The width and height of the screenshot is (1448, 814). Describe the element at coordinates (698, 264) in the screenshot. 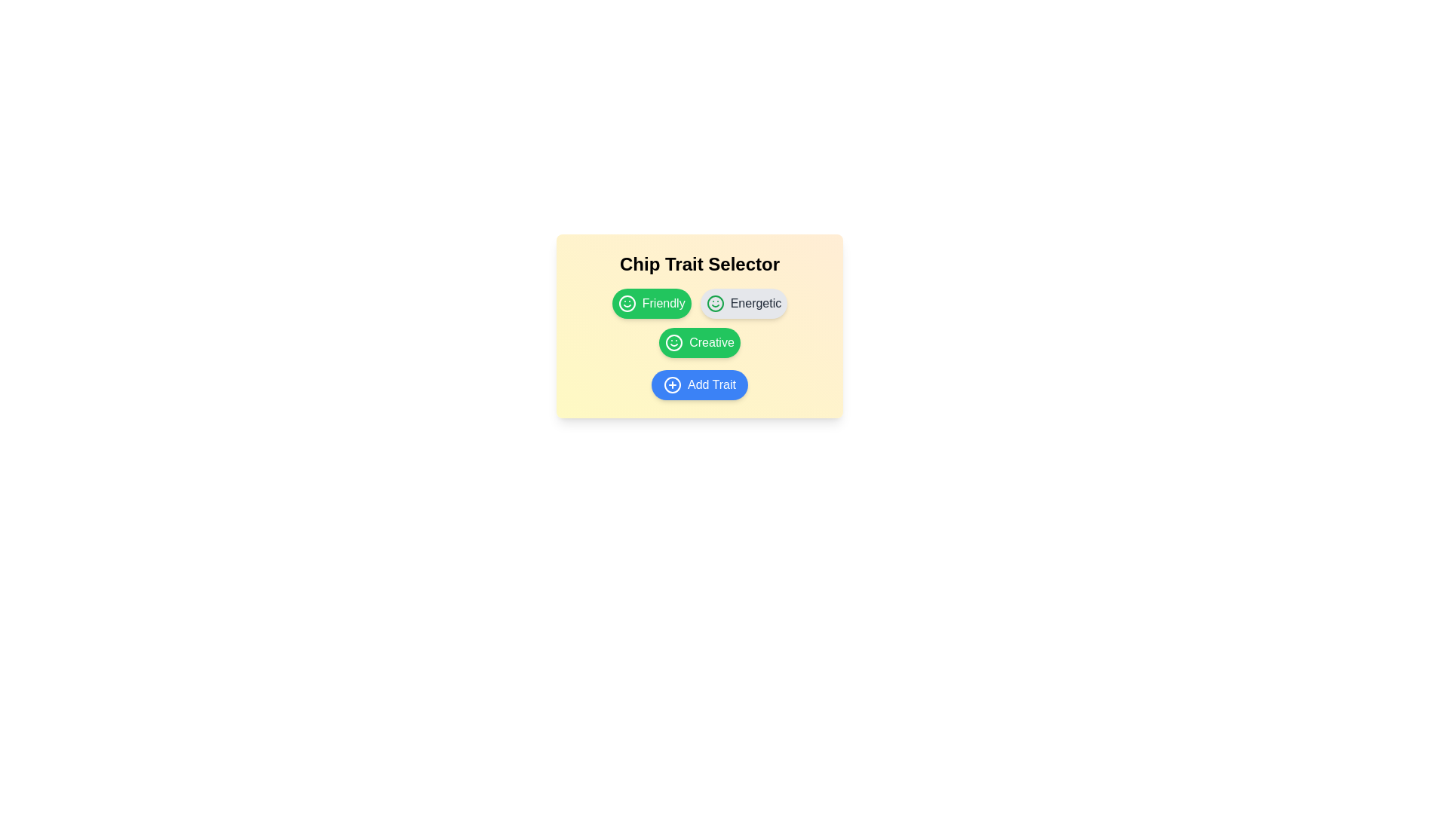

I see `the header text 'Chip Trait Selector'` at that location.